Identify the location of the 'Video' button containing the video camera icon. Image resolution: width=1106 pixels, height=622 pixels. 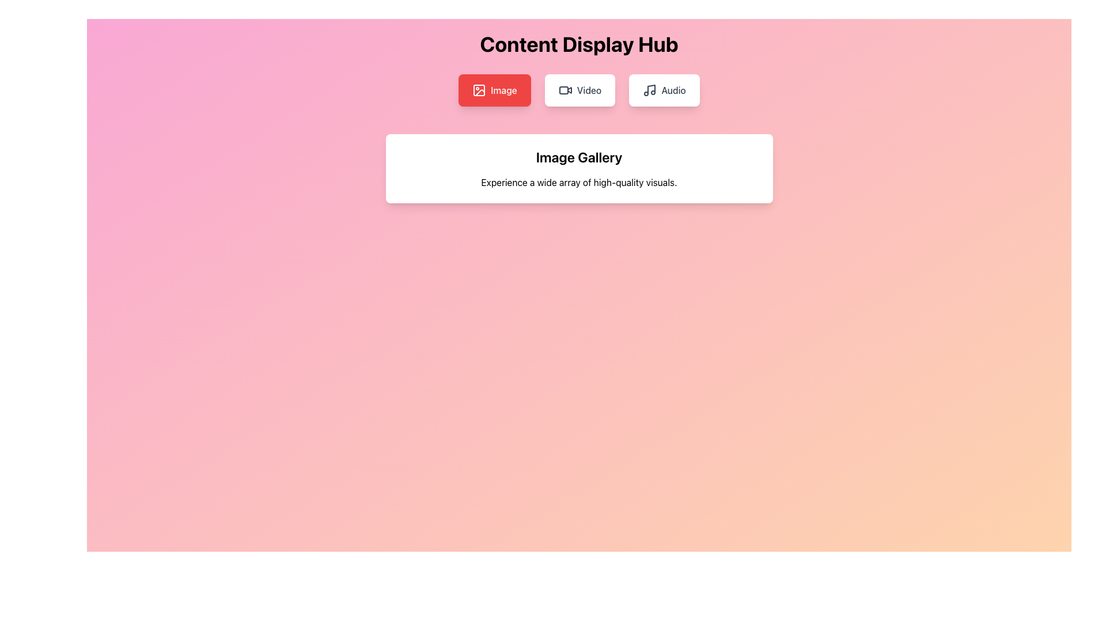
(565, 90).